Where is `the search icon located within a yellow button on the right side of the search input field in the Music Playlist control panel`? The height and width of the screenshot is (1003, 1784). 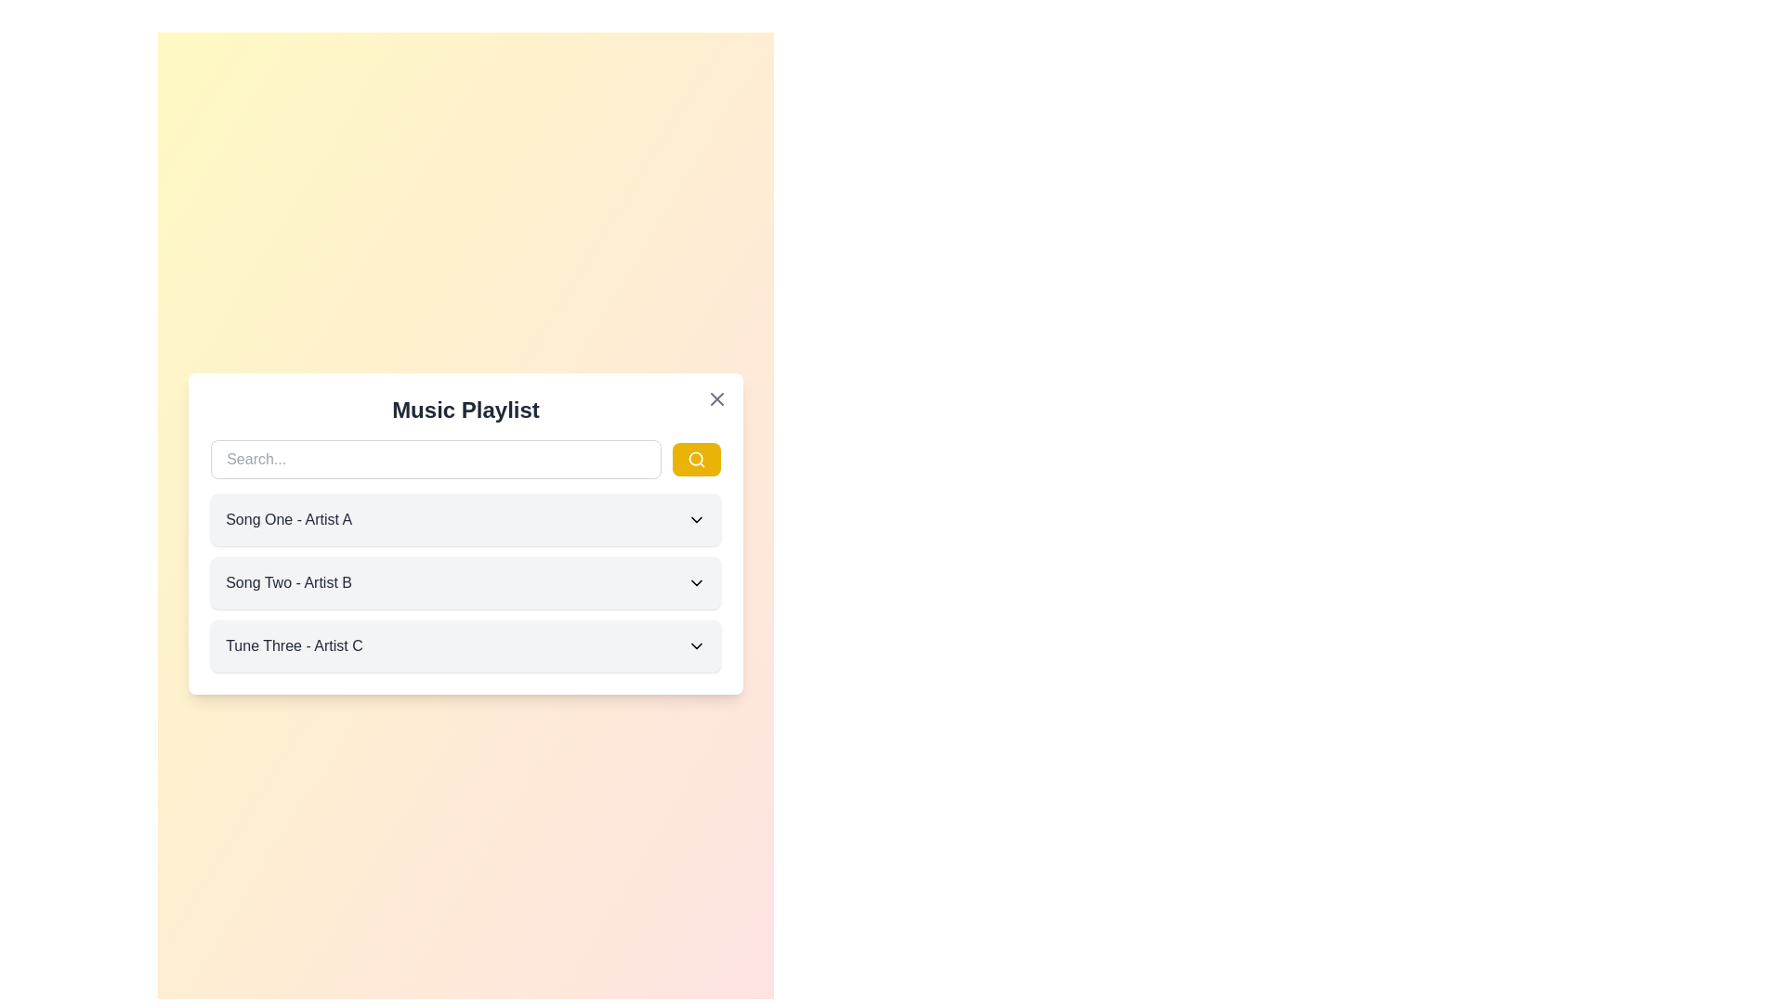
the search icon located within a yellow button on the right side of the search input field in the Music Playlist control panel is located at coordinates (695, 459).